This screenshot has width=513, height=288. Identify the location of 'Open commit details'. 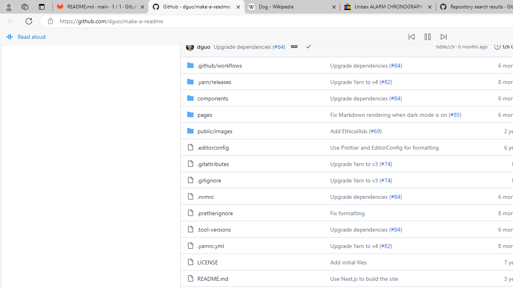
(293, 46).